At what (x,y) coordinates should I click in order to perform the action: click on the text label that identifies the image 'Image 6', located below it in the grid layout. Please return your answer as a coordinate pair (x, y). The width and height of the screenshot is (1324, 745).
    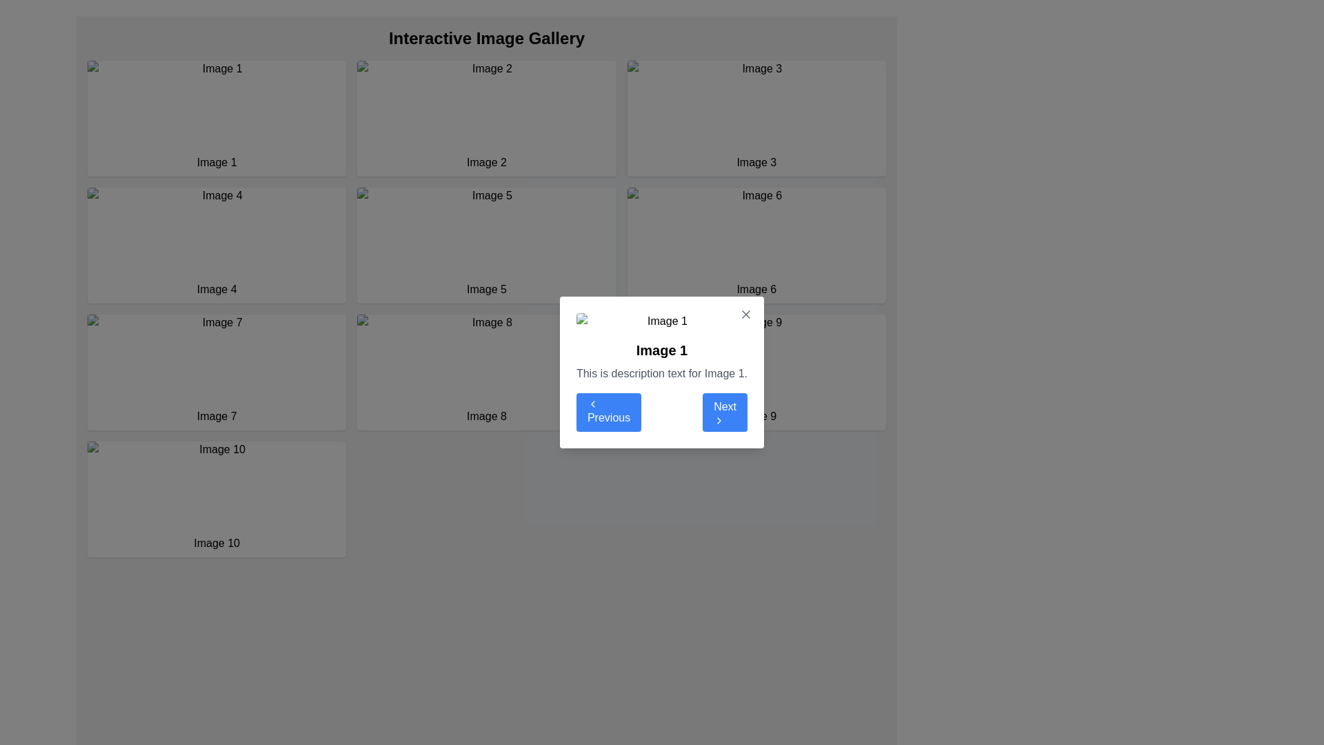
    Looking at the image, I should click on (756, 289).